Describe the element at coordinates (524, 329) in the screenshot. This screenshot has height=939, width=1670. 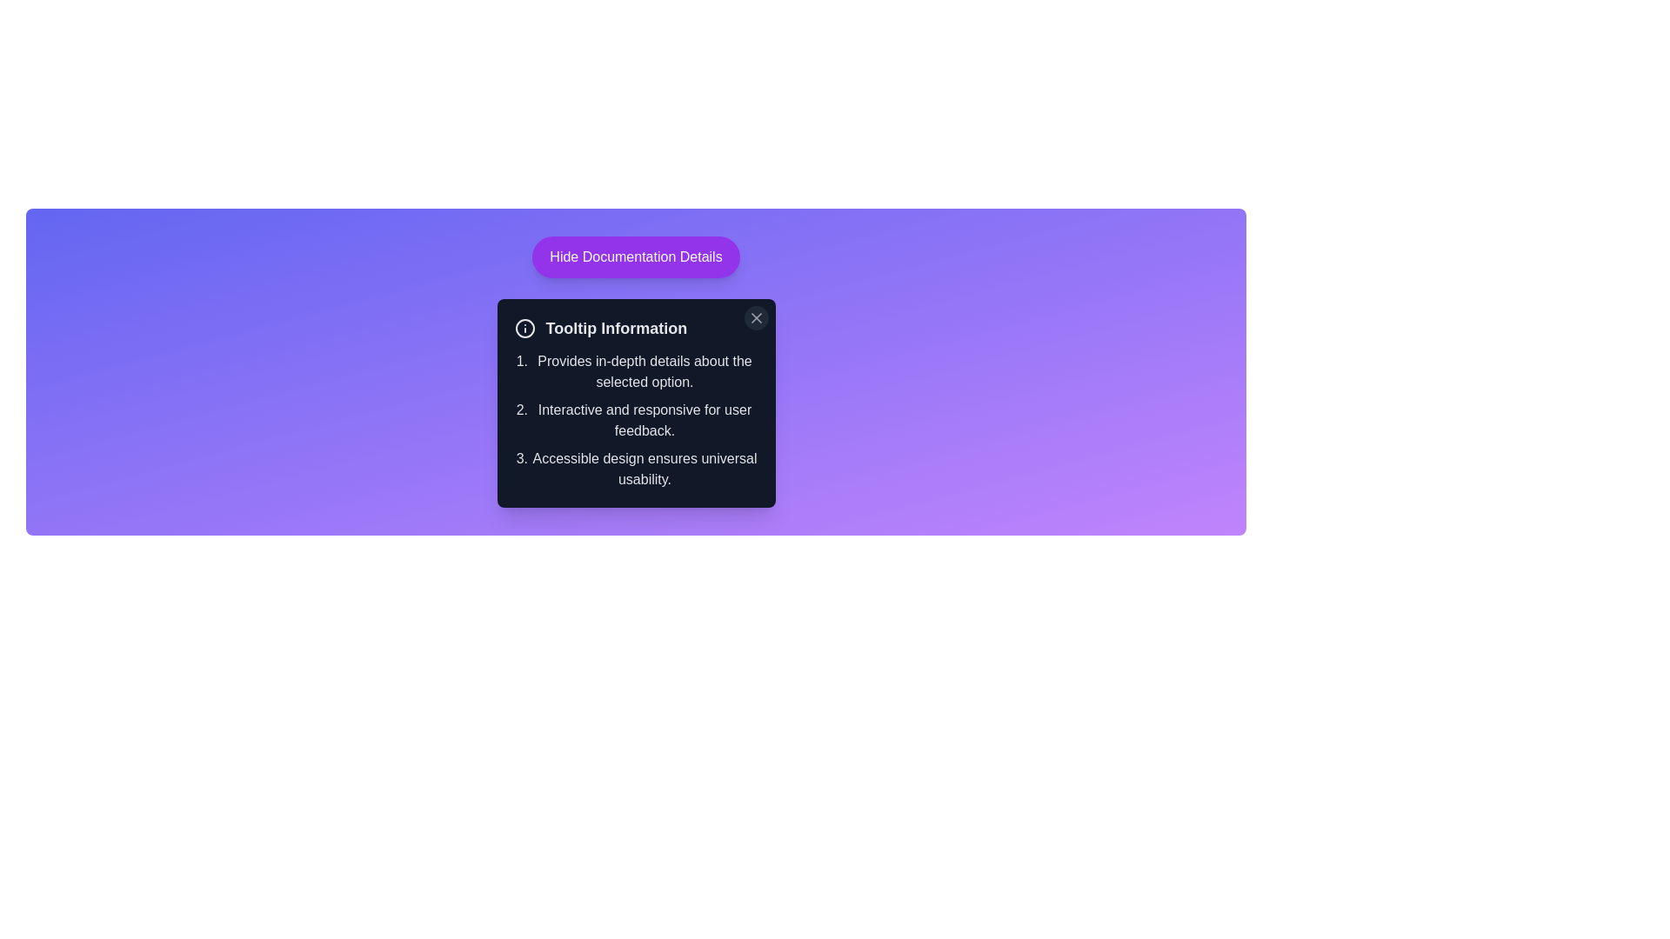
I see `the circular graphical element, which is a white-filled circle with a 10-unit radius located within the tooltip of an info icon` at that location.